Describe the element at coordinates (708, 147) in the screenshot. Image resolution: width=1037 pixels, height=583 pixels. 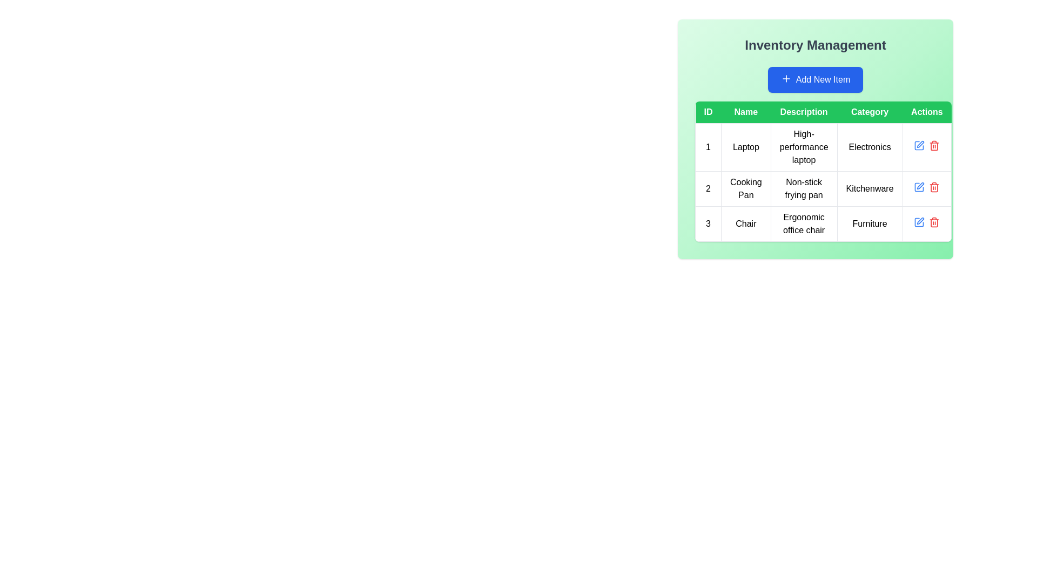
I see `the table cell containing the text '1', which is styled with centered text and bordered edges, located in the first column of the first row of the table interface` at that location.